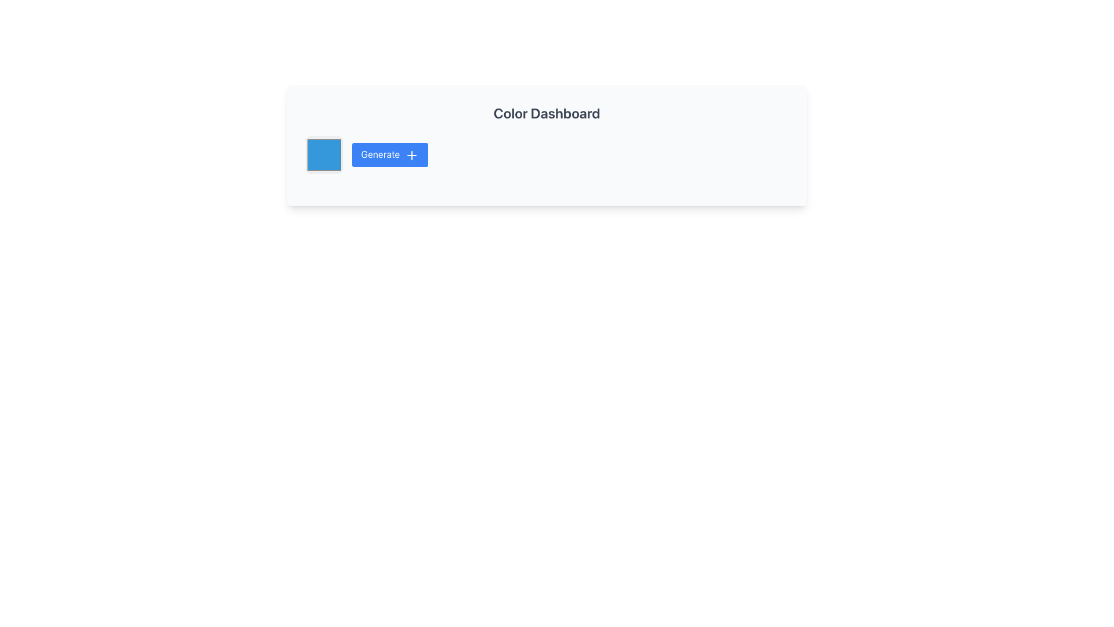 This screenshot has height=627, width=1114. Describe the element at coordinates (390, 154) in the screenshot. I see `the generate button located in the middle section of the interface to interact via keyboard` at that location.